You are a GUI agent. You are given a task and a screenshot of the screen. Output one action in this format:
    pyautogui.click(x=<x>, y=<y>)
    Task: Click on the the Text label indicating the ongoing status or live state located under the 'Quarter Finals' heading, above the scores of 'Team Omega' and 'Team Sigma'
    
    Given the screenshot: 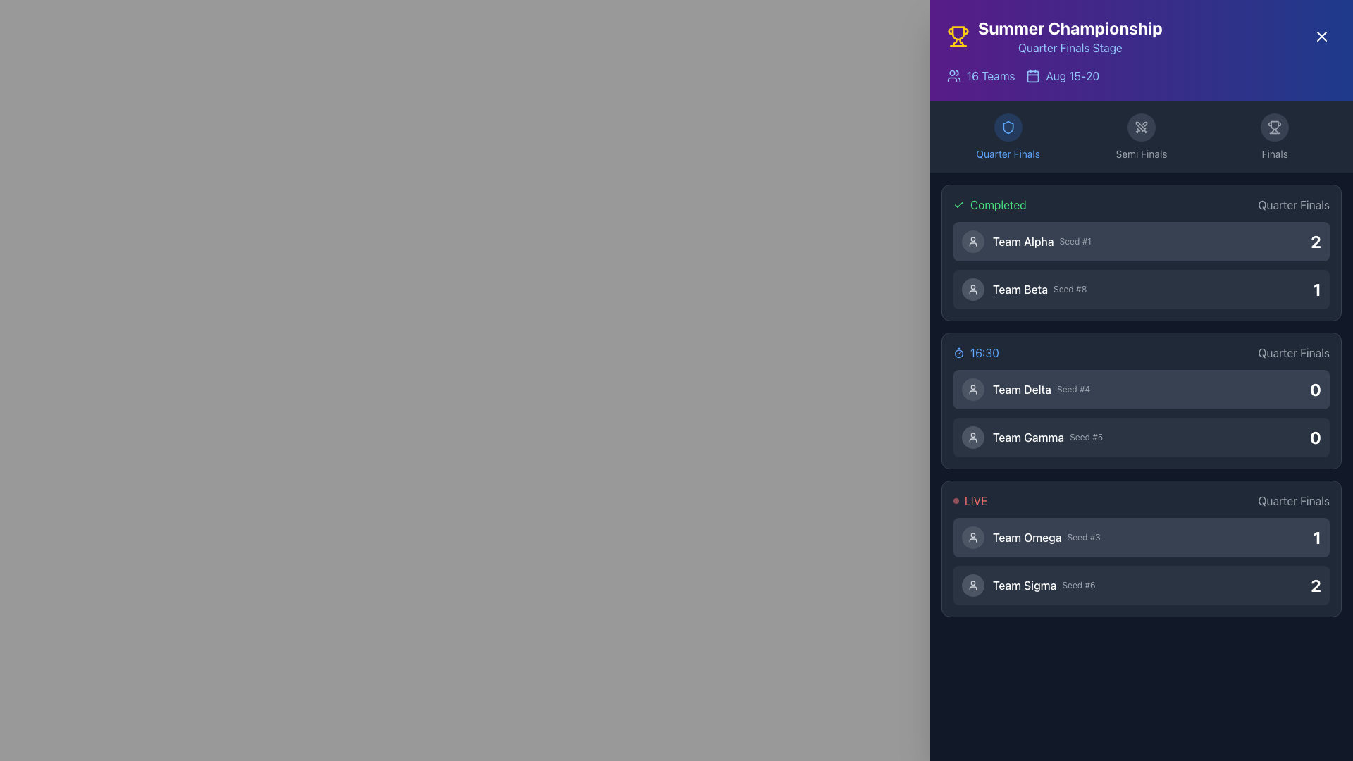 What is the action you would take?
    pyautogui.click(x=970, y=500)
    